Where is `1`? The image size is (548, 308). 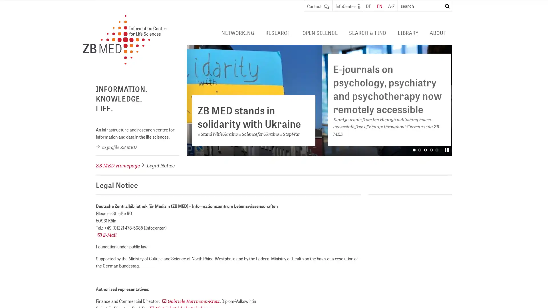 1 is located at coordinates (414, 149).